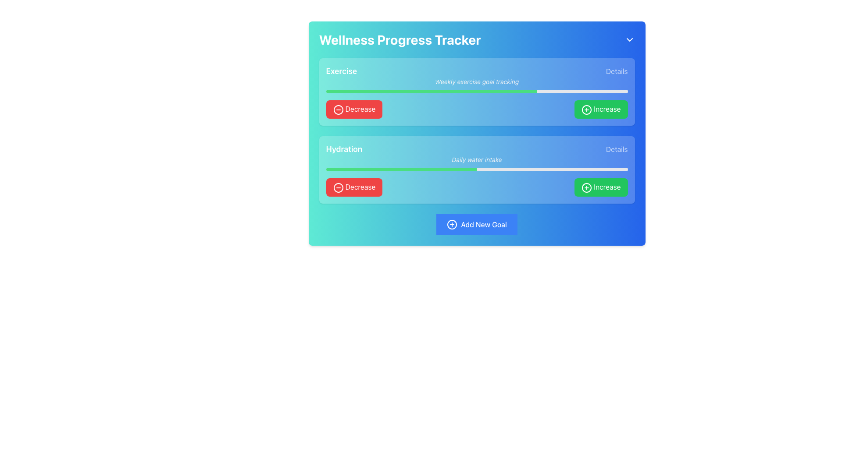 The height and width of the screenshot is (473, 842). I want to click on the 'Increase' button icon in the first 'Exercise' card of the wellness tracker interface to observe potential hover effects, so click(586, 109).